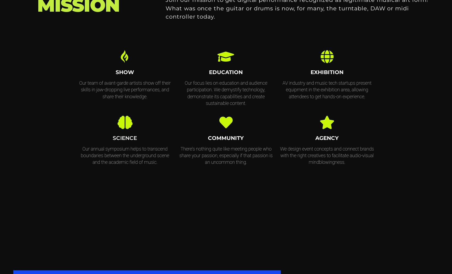  I want to click on 'We design event concepts and connect brands with the right creatives to facilitate audio-visual mindblowingness.', so click(327, 155).